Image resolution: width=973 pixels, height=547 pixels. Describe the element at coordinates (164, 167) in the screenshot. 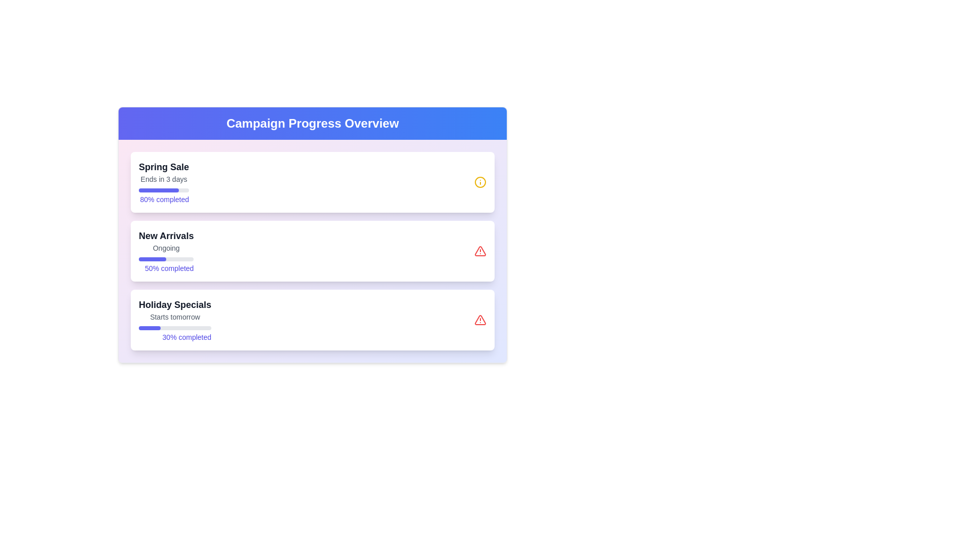

I see `the 'Spring Sale' title text in the first promotional card, which is located at the top of the card above other elements` at that location.